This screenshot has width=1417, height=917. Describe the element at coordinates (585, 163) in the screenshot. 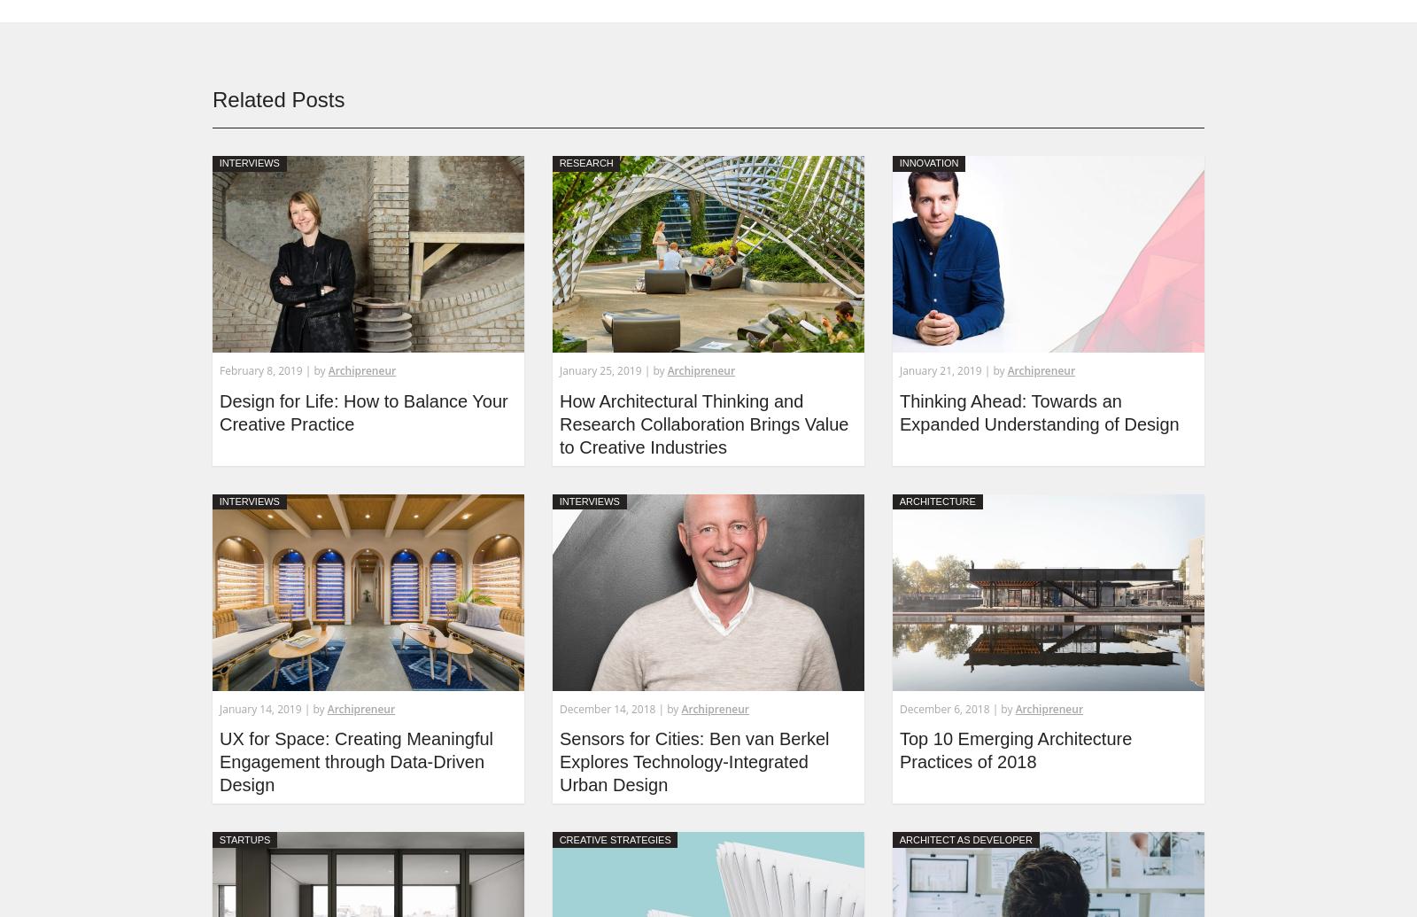

I see `'Research'` at that location.